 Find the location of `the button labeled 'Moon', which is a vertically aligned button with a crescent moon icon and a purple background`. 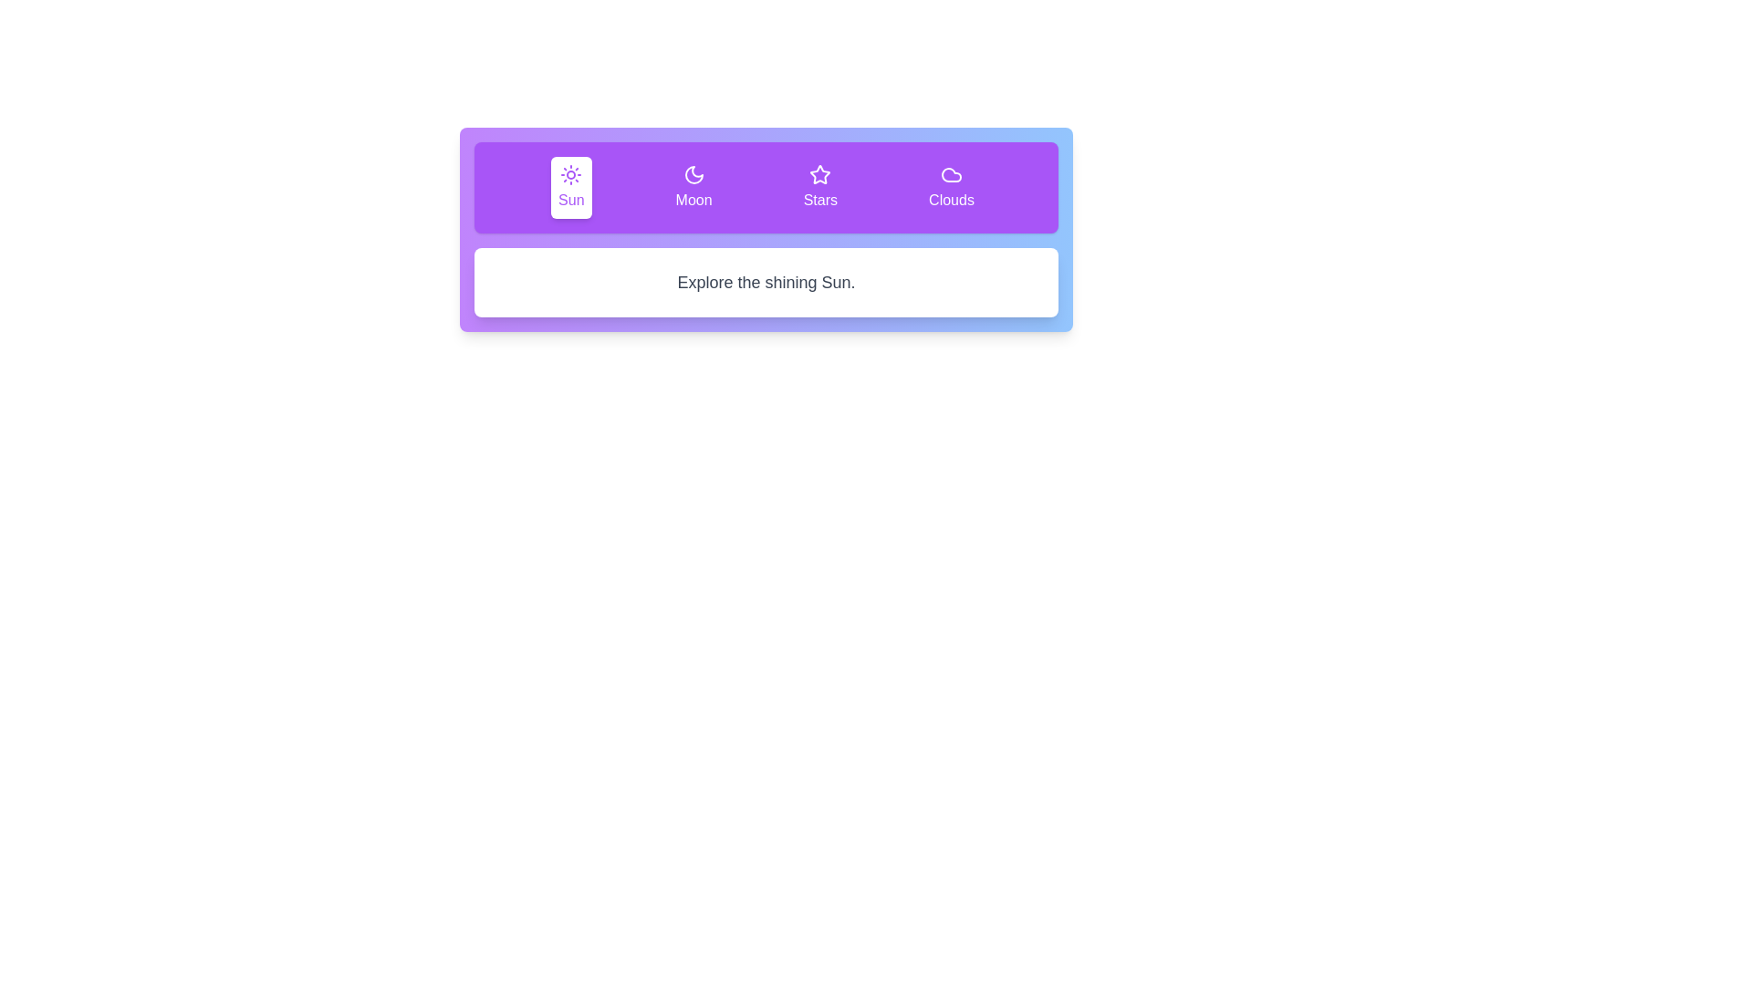

the button labeled 'Moon', which is a vertically aligned button with a crescent moon icon and a purple background is located at coordinates (693, 187).